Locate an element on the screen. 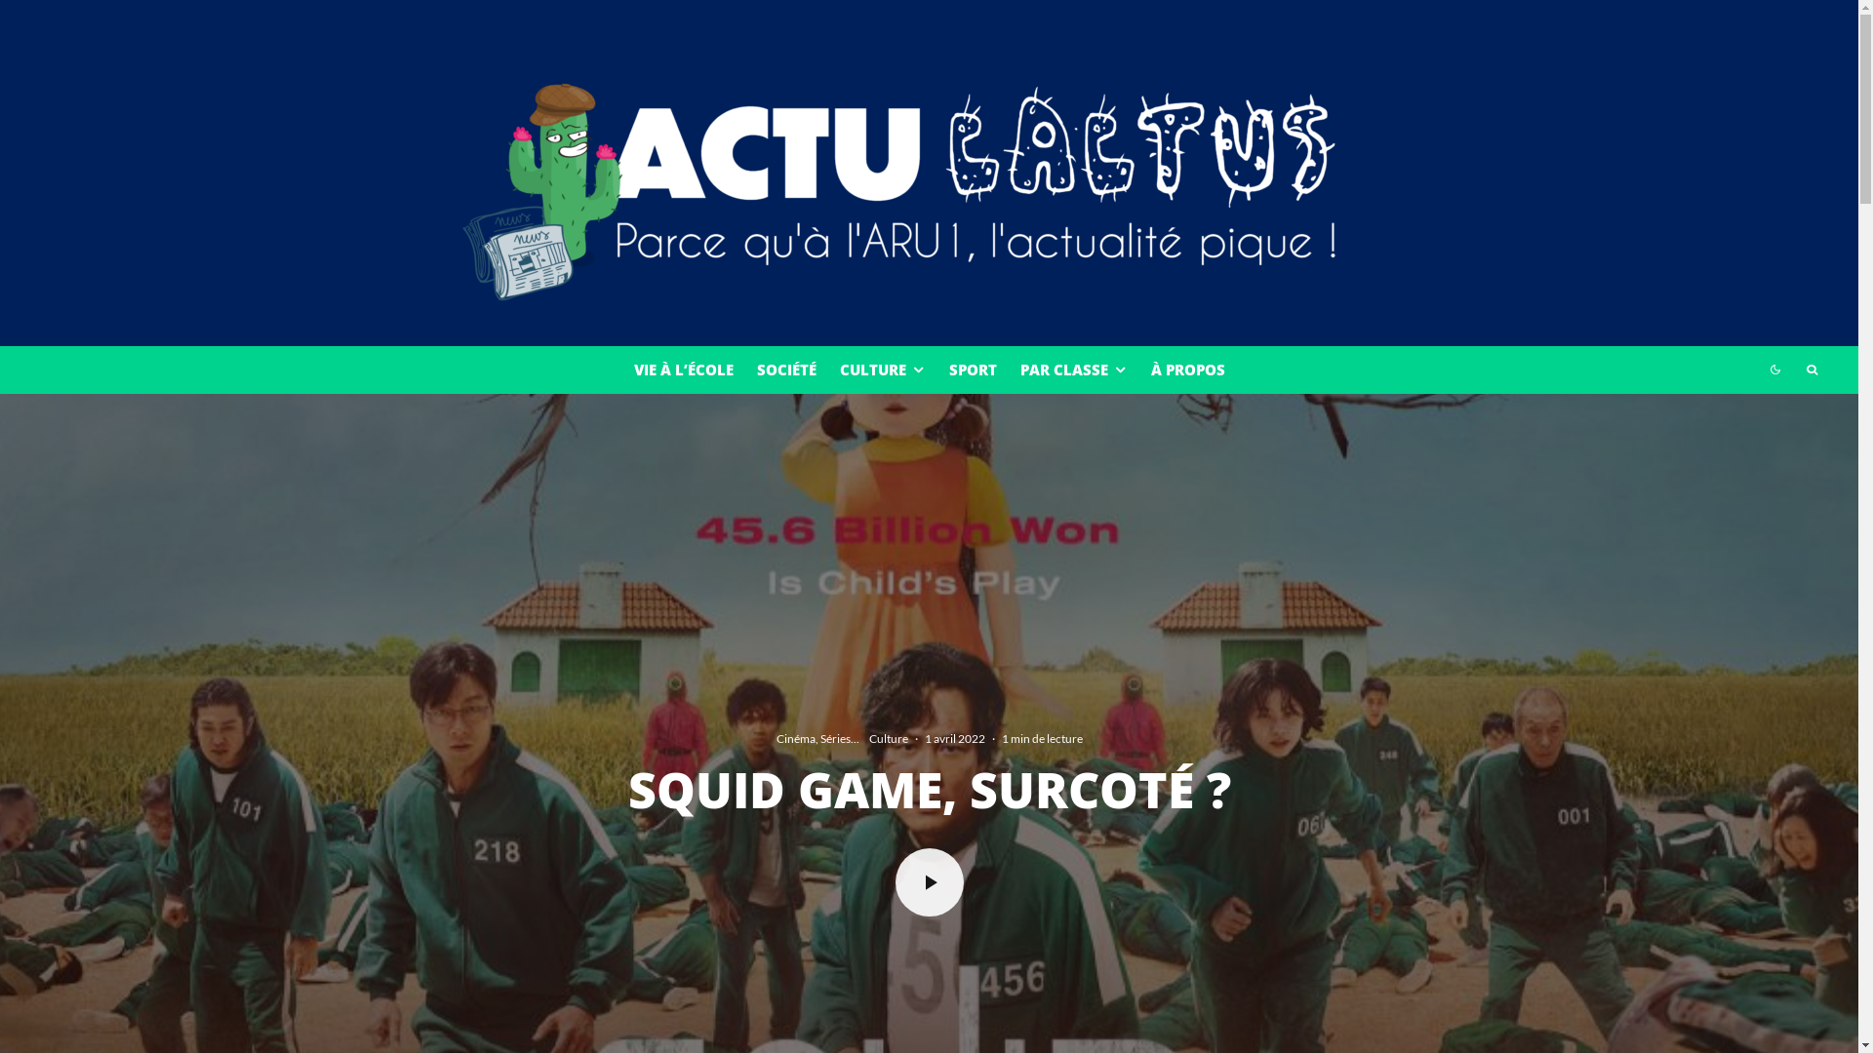 The width and height of the screenshot is (1873, 1053). 'SPORT' is located at coordinates (972, 370).